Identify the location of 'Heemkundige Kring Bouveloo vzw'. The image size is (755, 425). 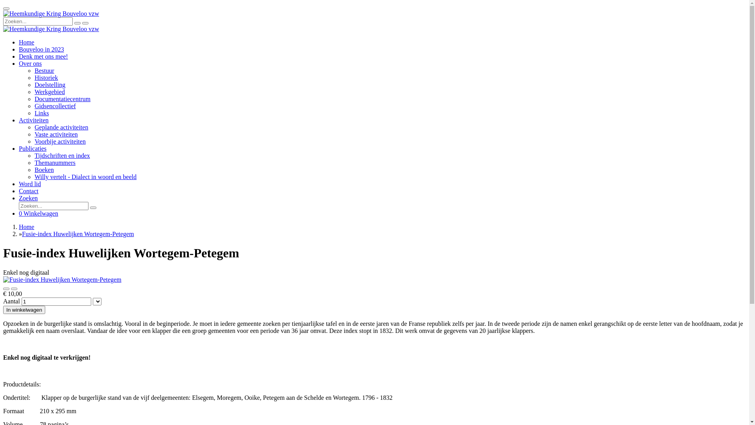
(3, 28).